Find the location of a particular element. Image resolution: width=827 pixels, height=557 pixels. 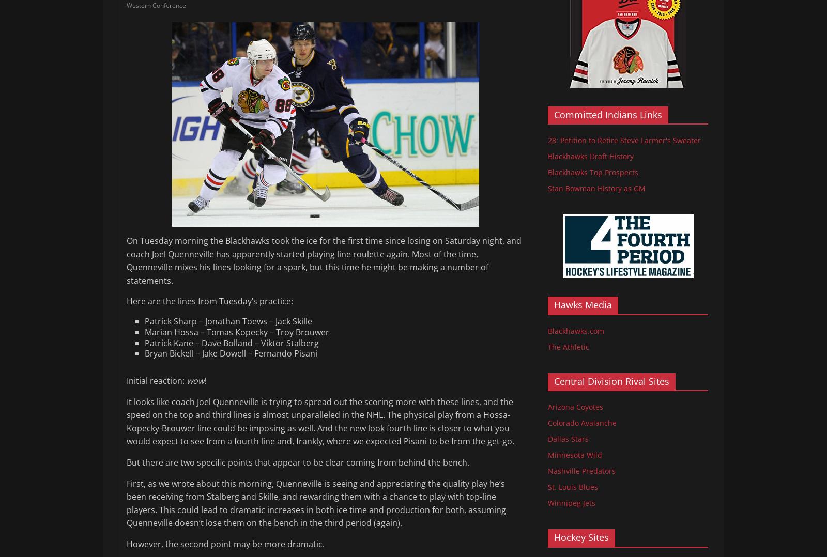

'Colorado Avalanche' is located at coordinates (548, 423).